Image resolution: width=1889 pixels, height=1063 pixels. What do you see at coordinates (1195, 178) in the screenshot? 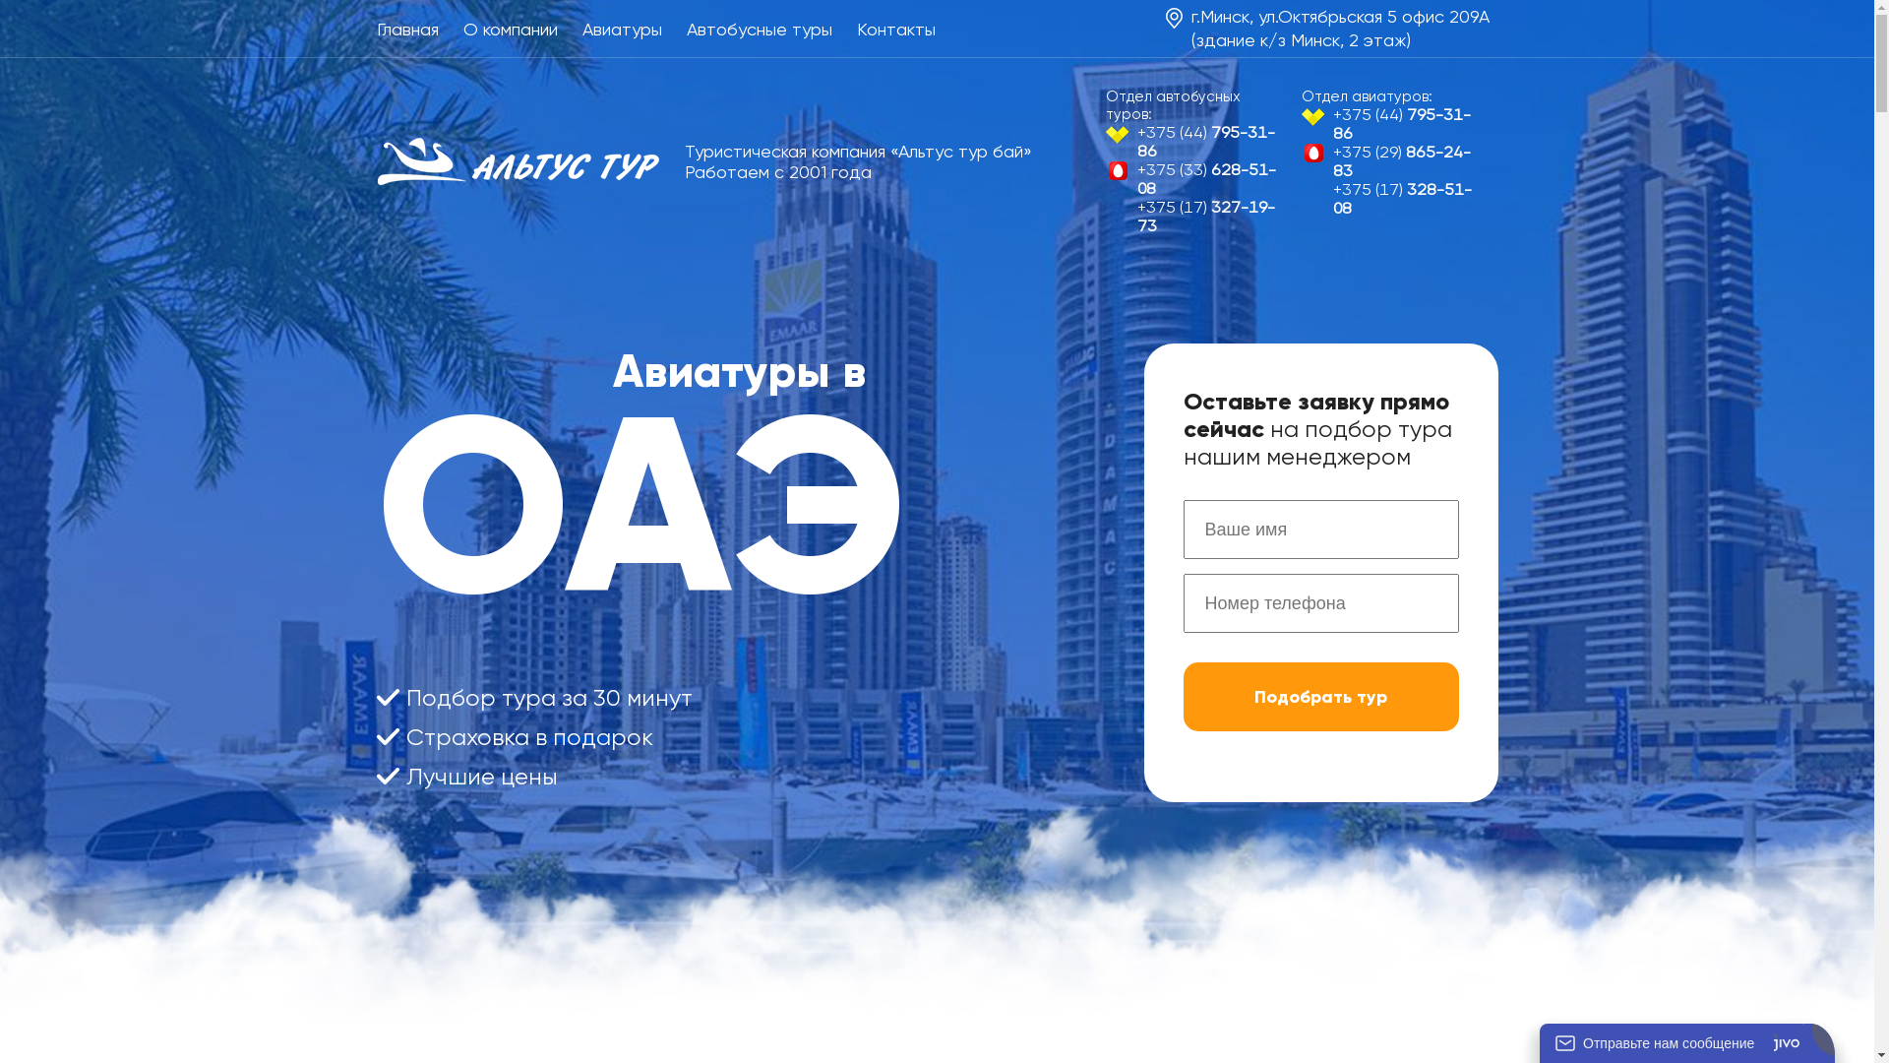
I see `'+375 (33) 628-51-08'` at bounding box center [1195, 178].